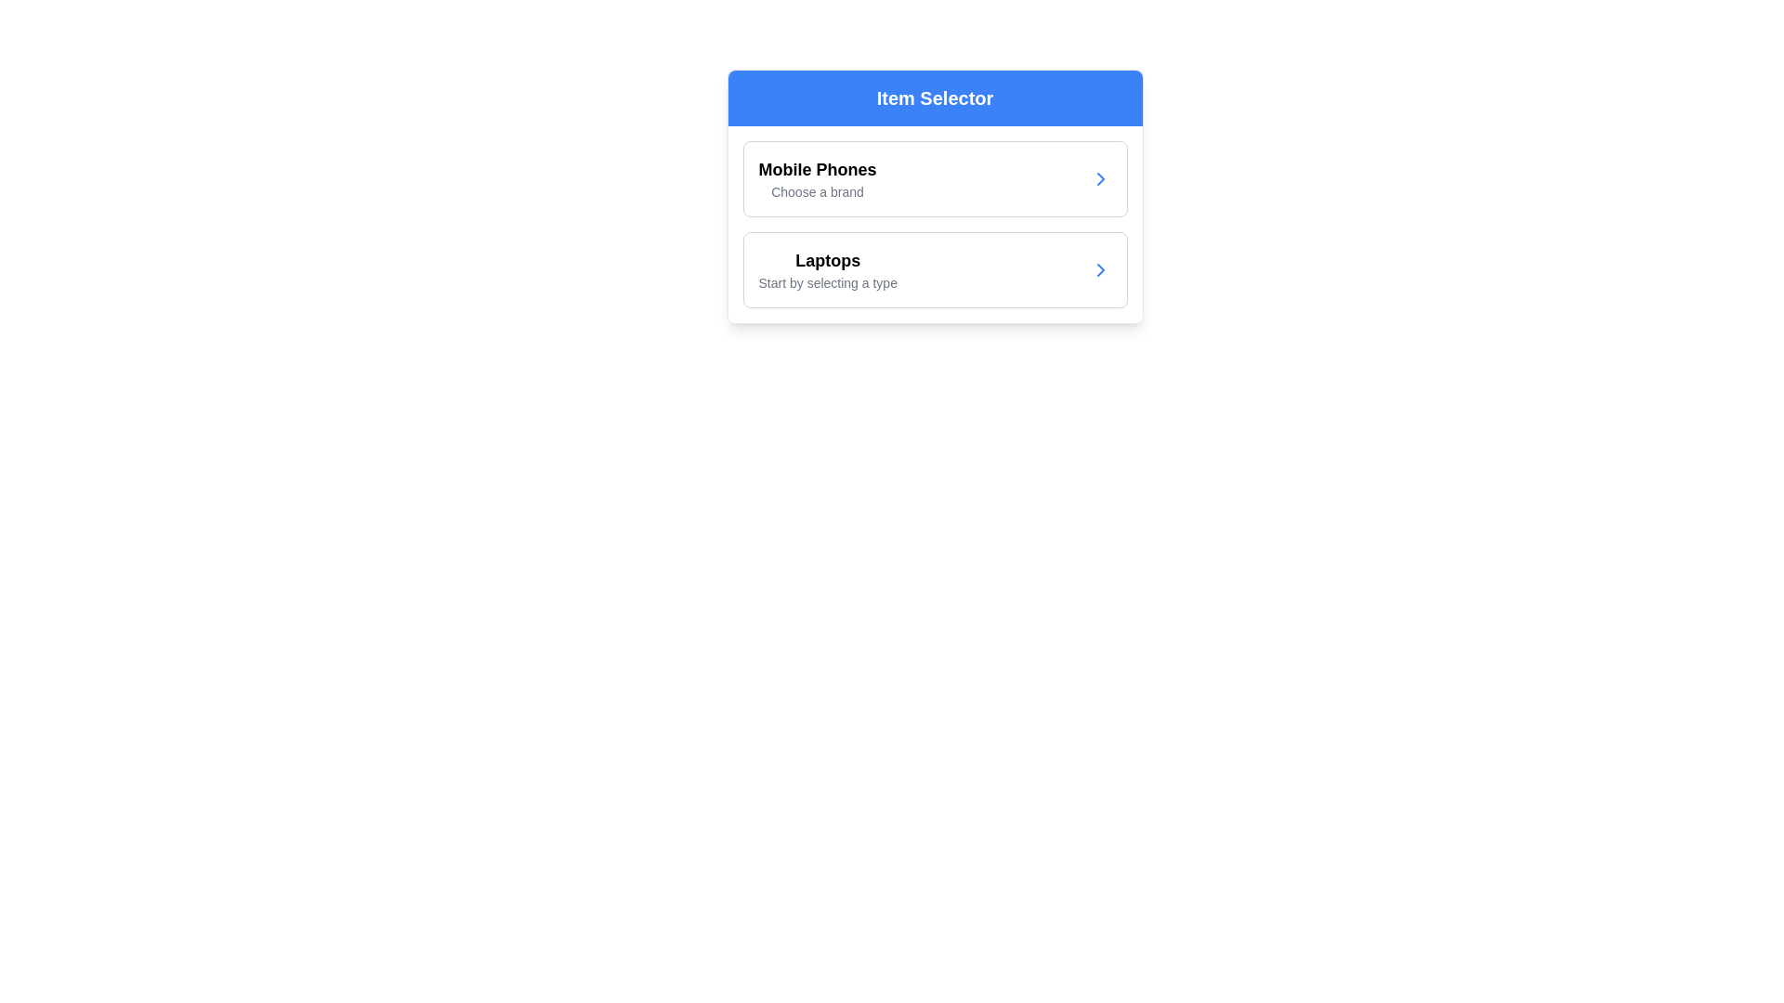  Describe the element at coordinates (1100, 178) in the screenshot. I see `the blue right-pointing Chevron-Right icon located at the right end of the 'Mobile PhonesChoose a brand' row` at that location.